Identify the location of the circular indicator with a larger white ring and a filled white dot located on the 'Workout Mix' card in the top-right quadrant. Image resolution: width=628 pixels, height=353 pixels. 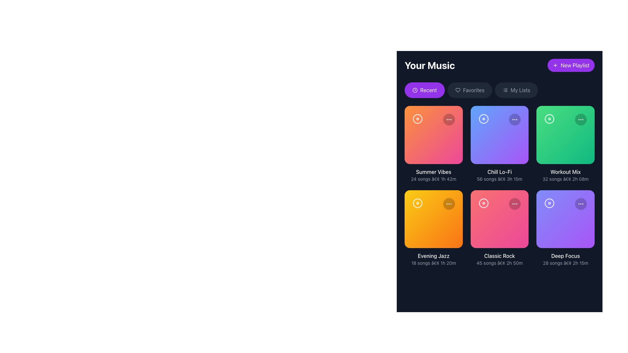
(549, 119).